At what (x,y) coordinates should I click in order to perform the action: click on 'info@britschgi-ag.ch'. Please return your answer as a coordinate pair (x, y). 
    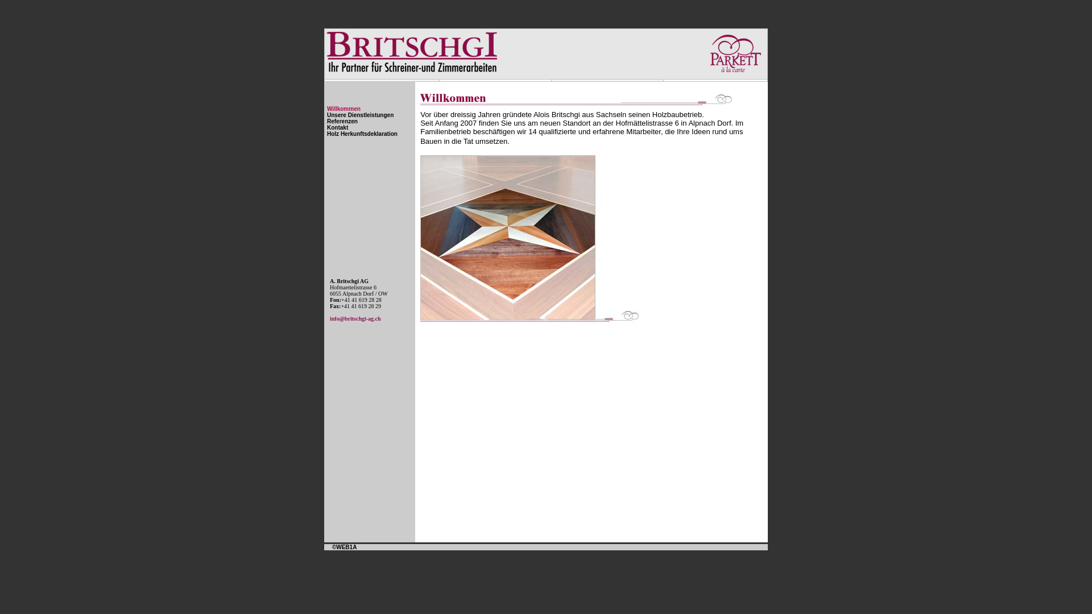
    Looking at the image, I should click on (354, 318).